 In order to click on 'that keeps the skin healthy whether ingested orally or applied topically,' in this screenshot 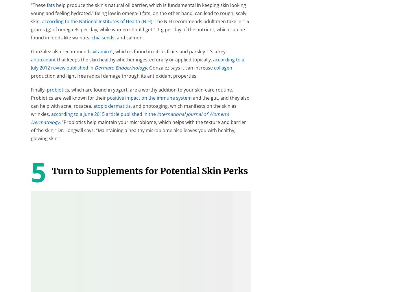, I will do `click(134, 59)`.